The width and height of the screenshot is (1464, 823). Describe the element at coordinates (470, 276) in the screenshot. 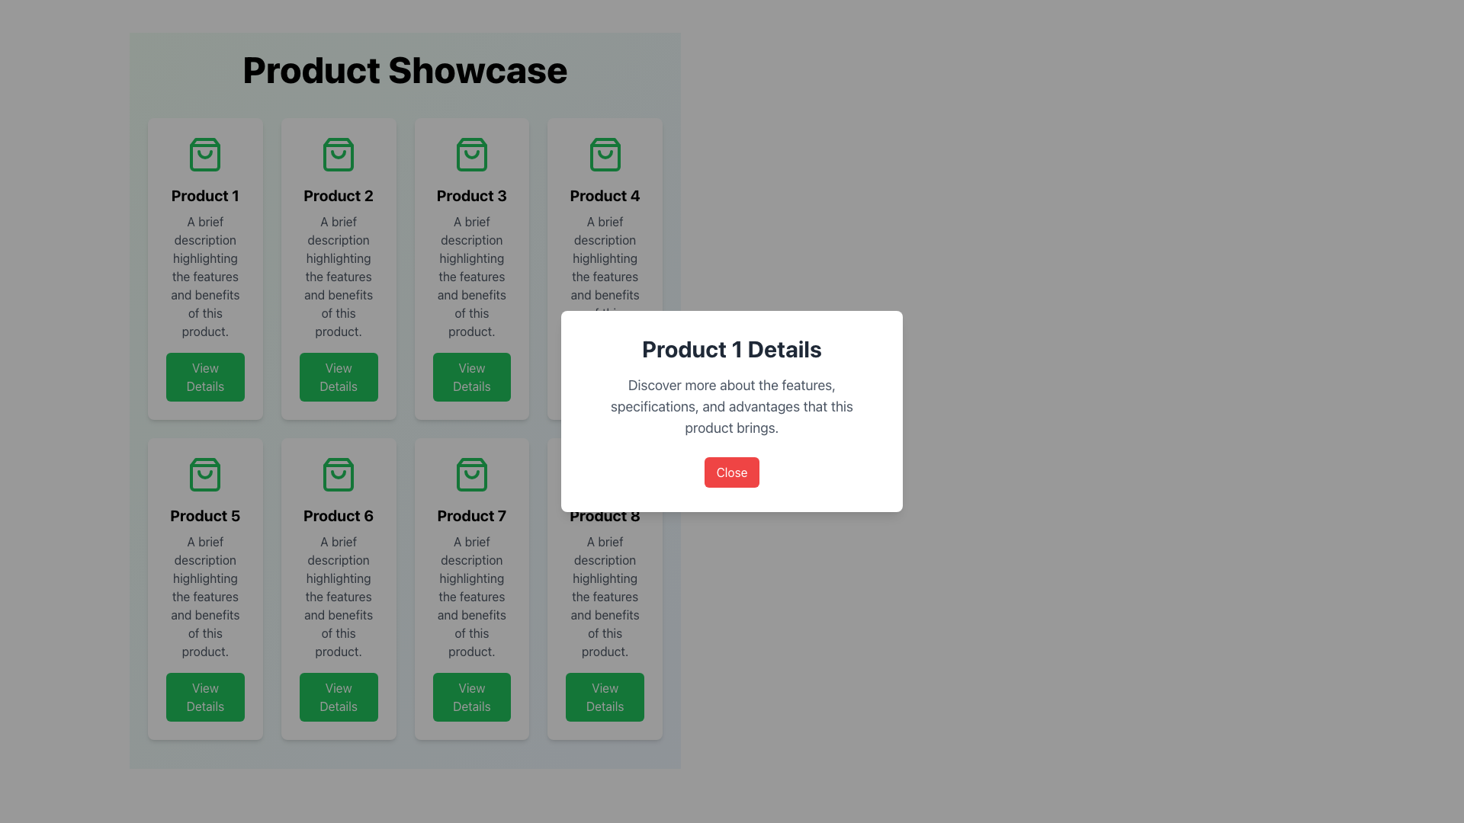

I see `the text block styled in gray, which contains the description: 'A brief description highlighting the features and benefits of this product.' This text block is located within the product card labeled 'Product 3', positioned between the title and the 'View Details' button` at that location.